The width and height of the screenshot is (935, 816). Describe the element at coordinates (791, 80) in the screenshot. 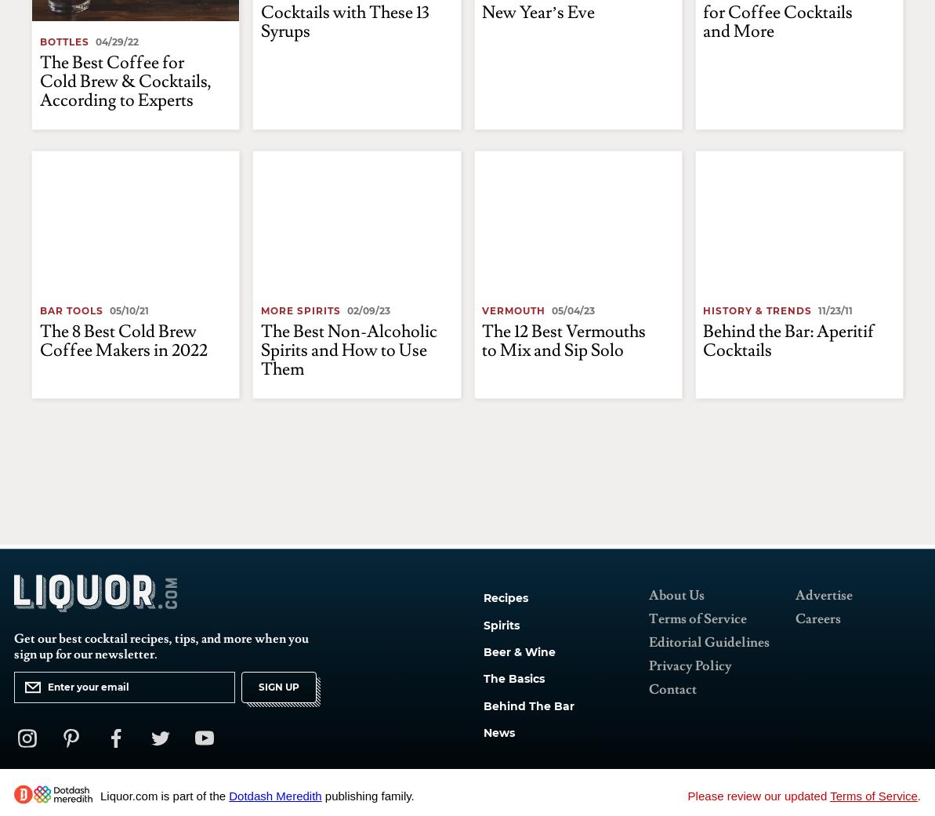

I see `'The Best Coffee Makers for Coffee Cocktails and More'` at that location.